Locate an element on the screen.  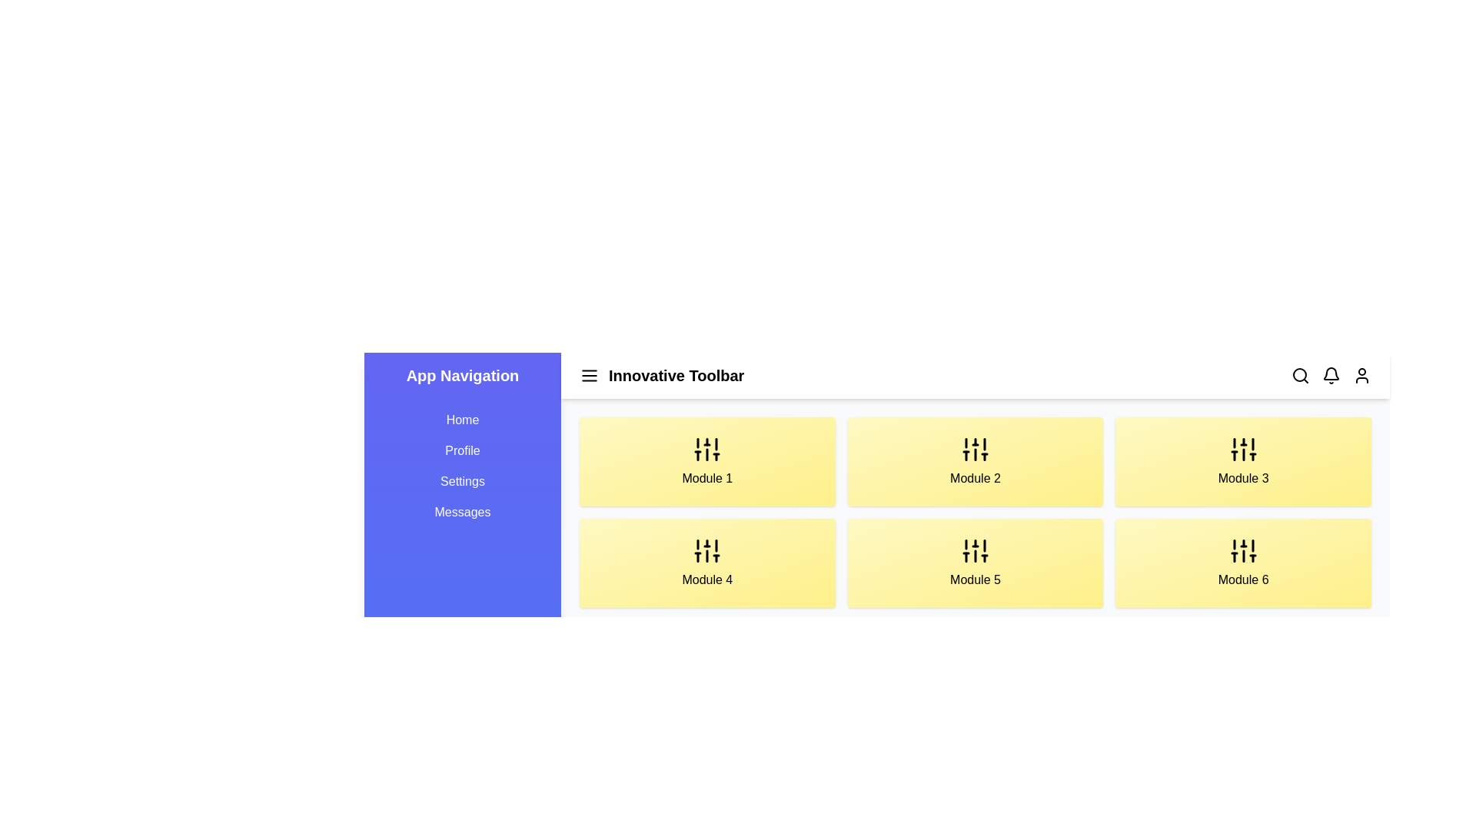
the navigation link labeled Settings is located at coordinates (461, 481).